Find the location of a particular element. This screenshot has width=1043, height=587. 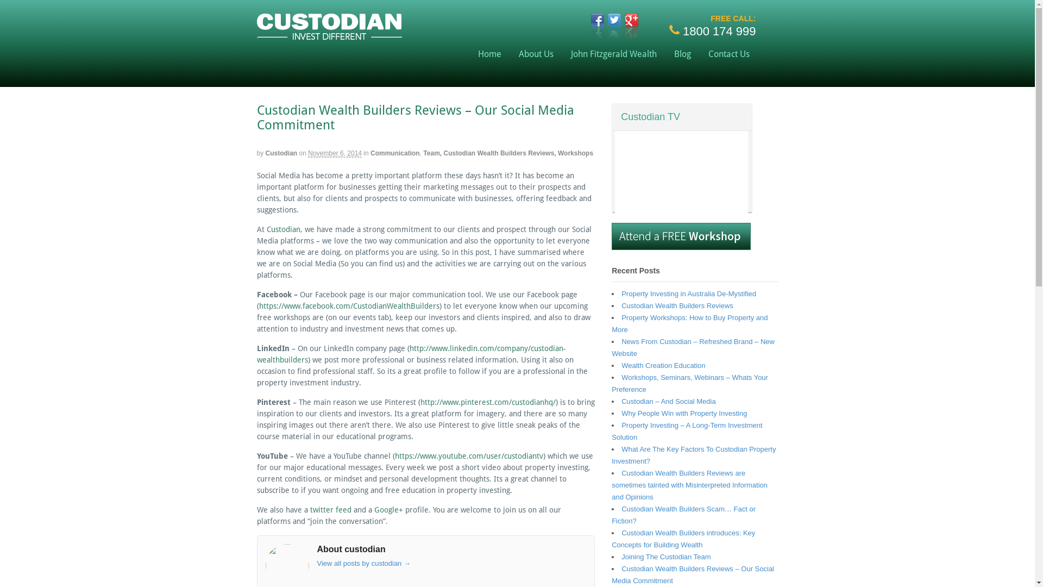

'http://www.pinterest.com/custodianhq/' is located at coordinates (487, 402).